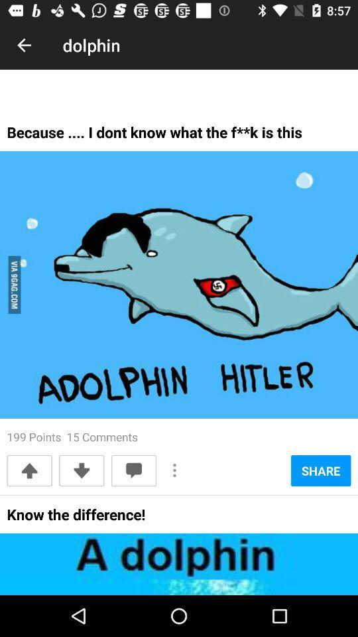 The width and height of the screenshot is (358, 637). What do you see at coordinates (134, 470) in the screenshot?
I see `the icon below 199 points 	15 icon` at bounding box center [134, 470].